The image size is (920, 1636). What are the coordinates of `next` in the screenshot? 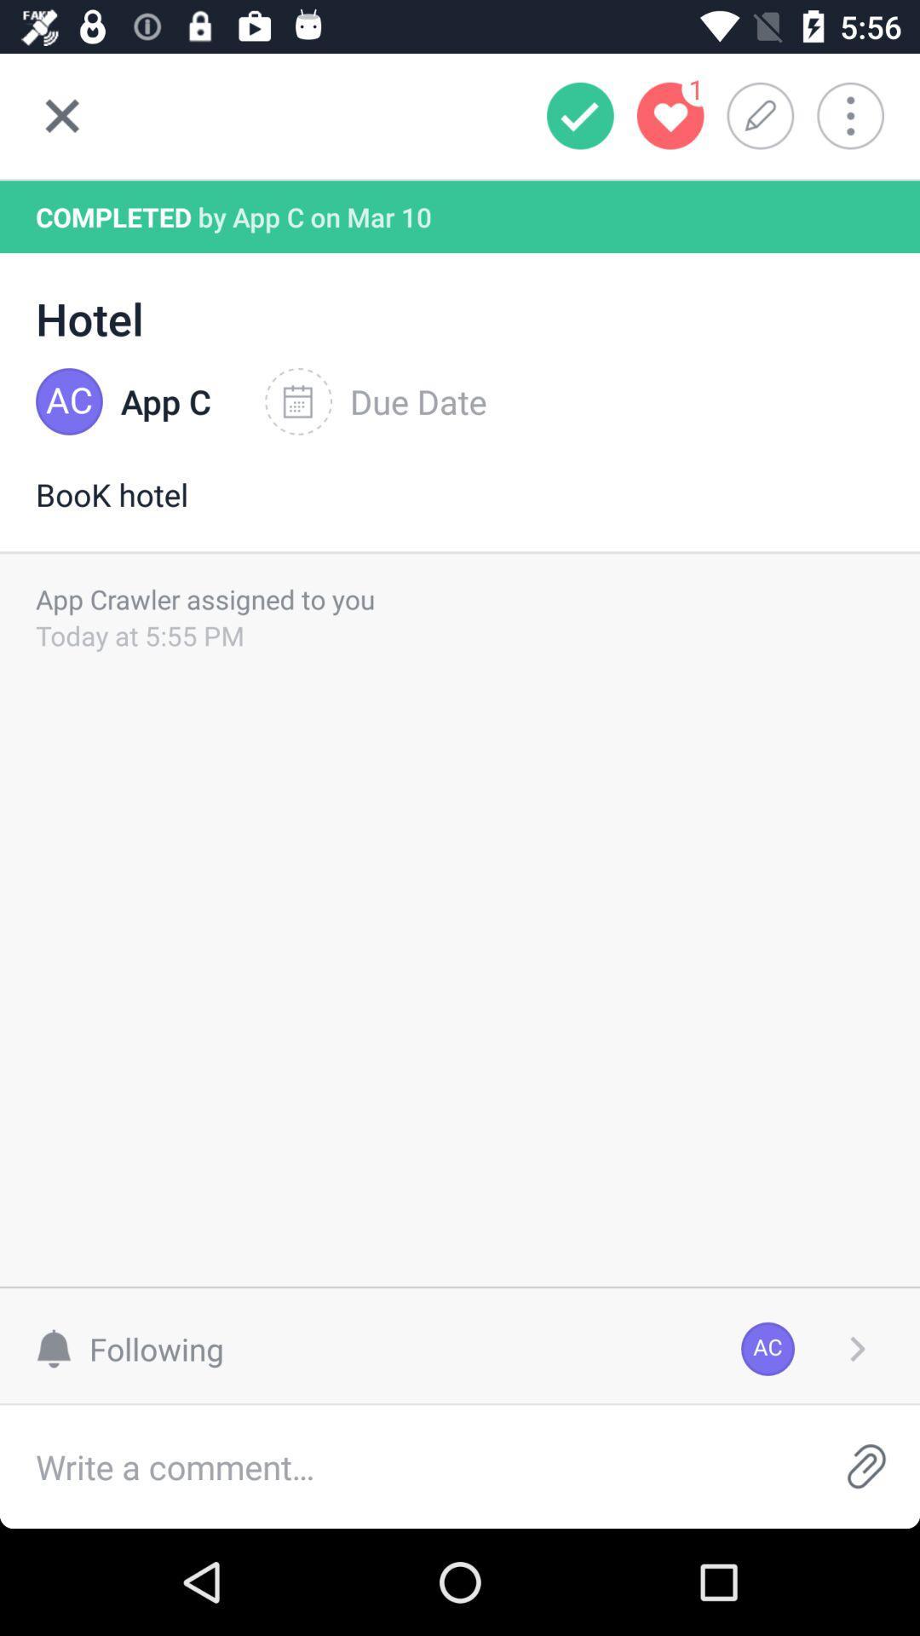 It's located at (857, 1348).